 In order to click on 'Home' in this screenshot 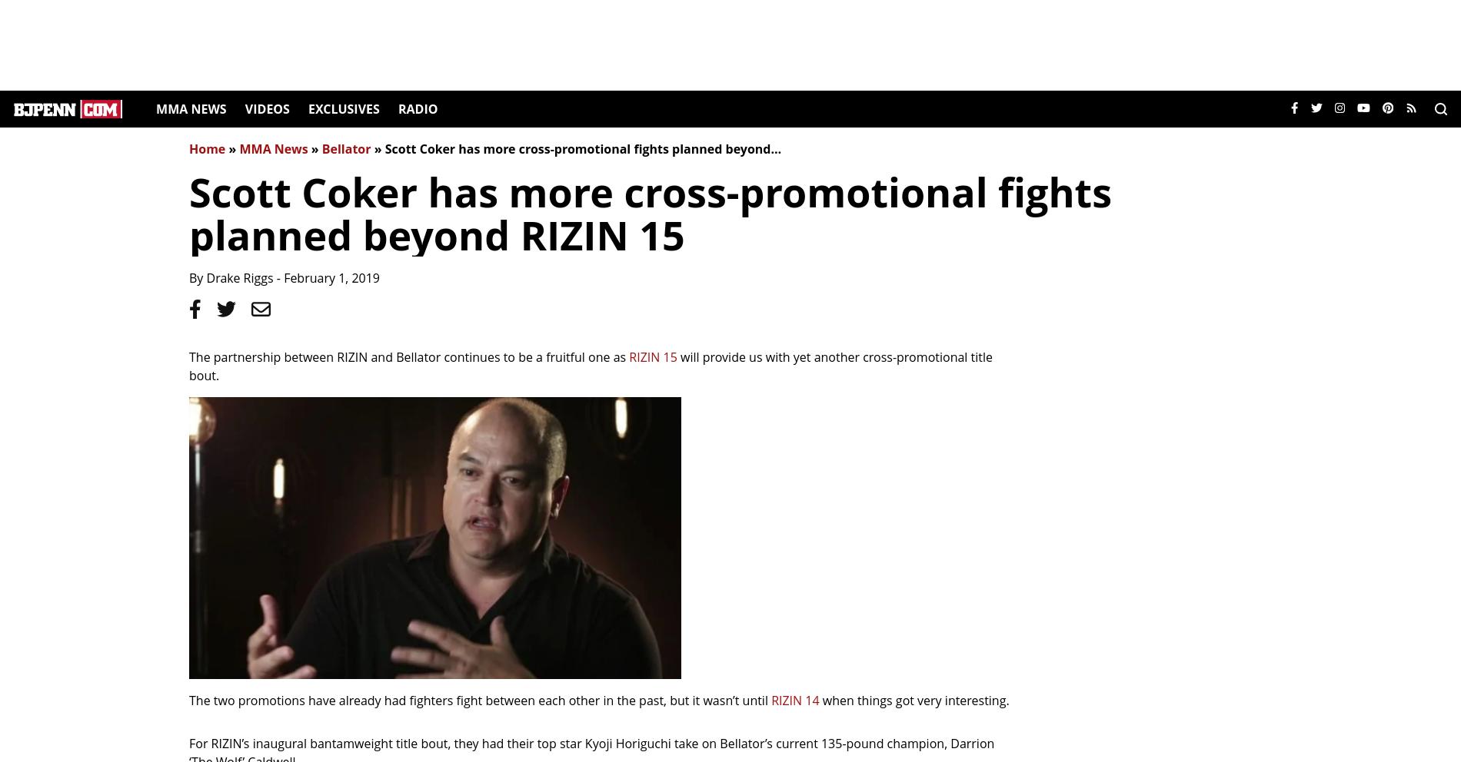, I will do `click(206, 148)`.